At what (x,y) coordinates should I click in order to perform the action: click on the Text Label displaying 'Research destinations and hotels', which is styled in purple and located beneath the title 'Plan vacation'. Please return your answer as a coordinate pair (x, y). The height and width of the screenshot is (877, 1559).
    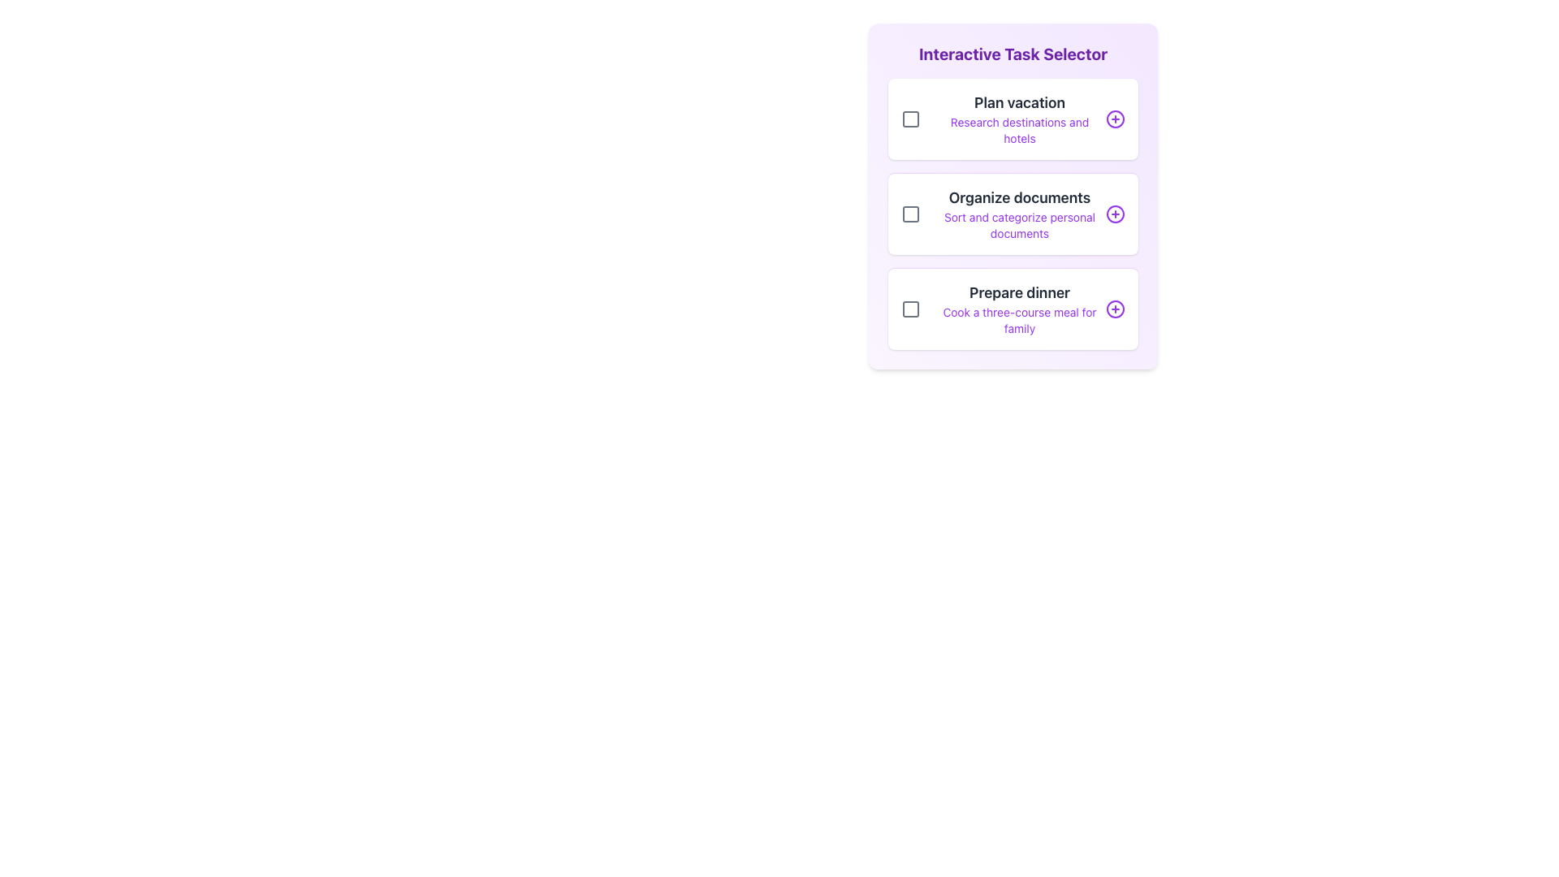
    Looking at the image, I should click on (1019, 130).